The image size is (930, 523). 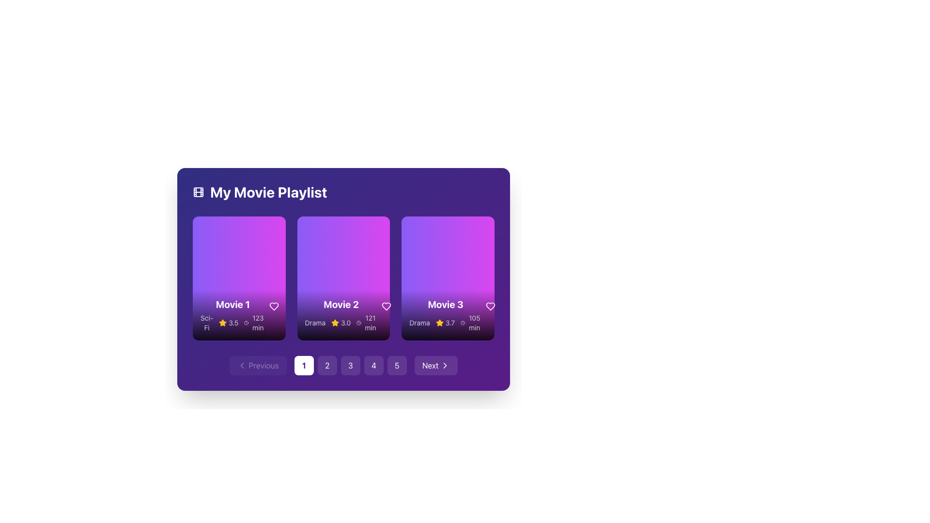 What do you see at coordinates (343, 366) in the screenshot?
I see `the pagination button labeled '3' located at the bottom of the card grid layout` at bounding box center [343, 366].